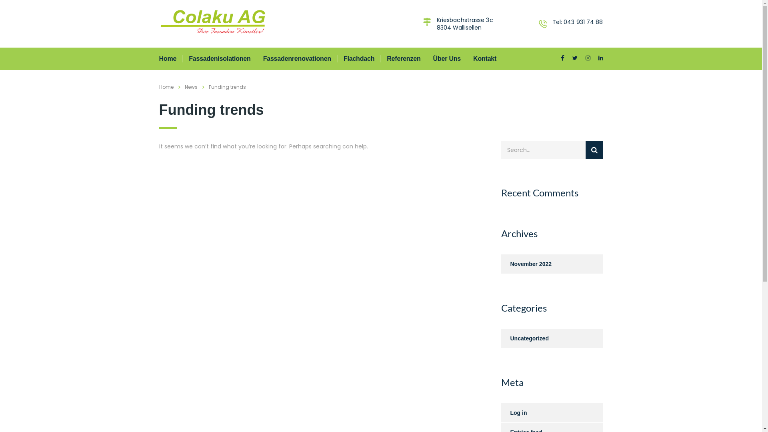 The image size is (768, 432). I want to click on 'Home', so click(159, 87).